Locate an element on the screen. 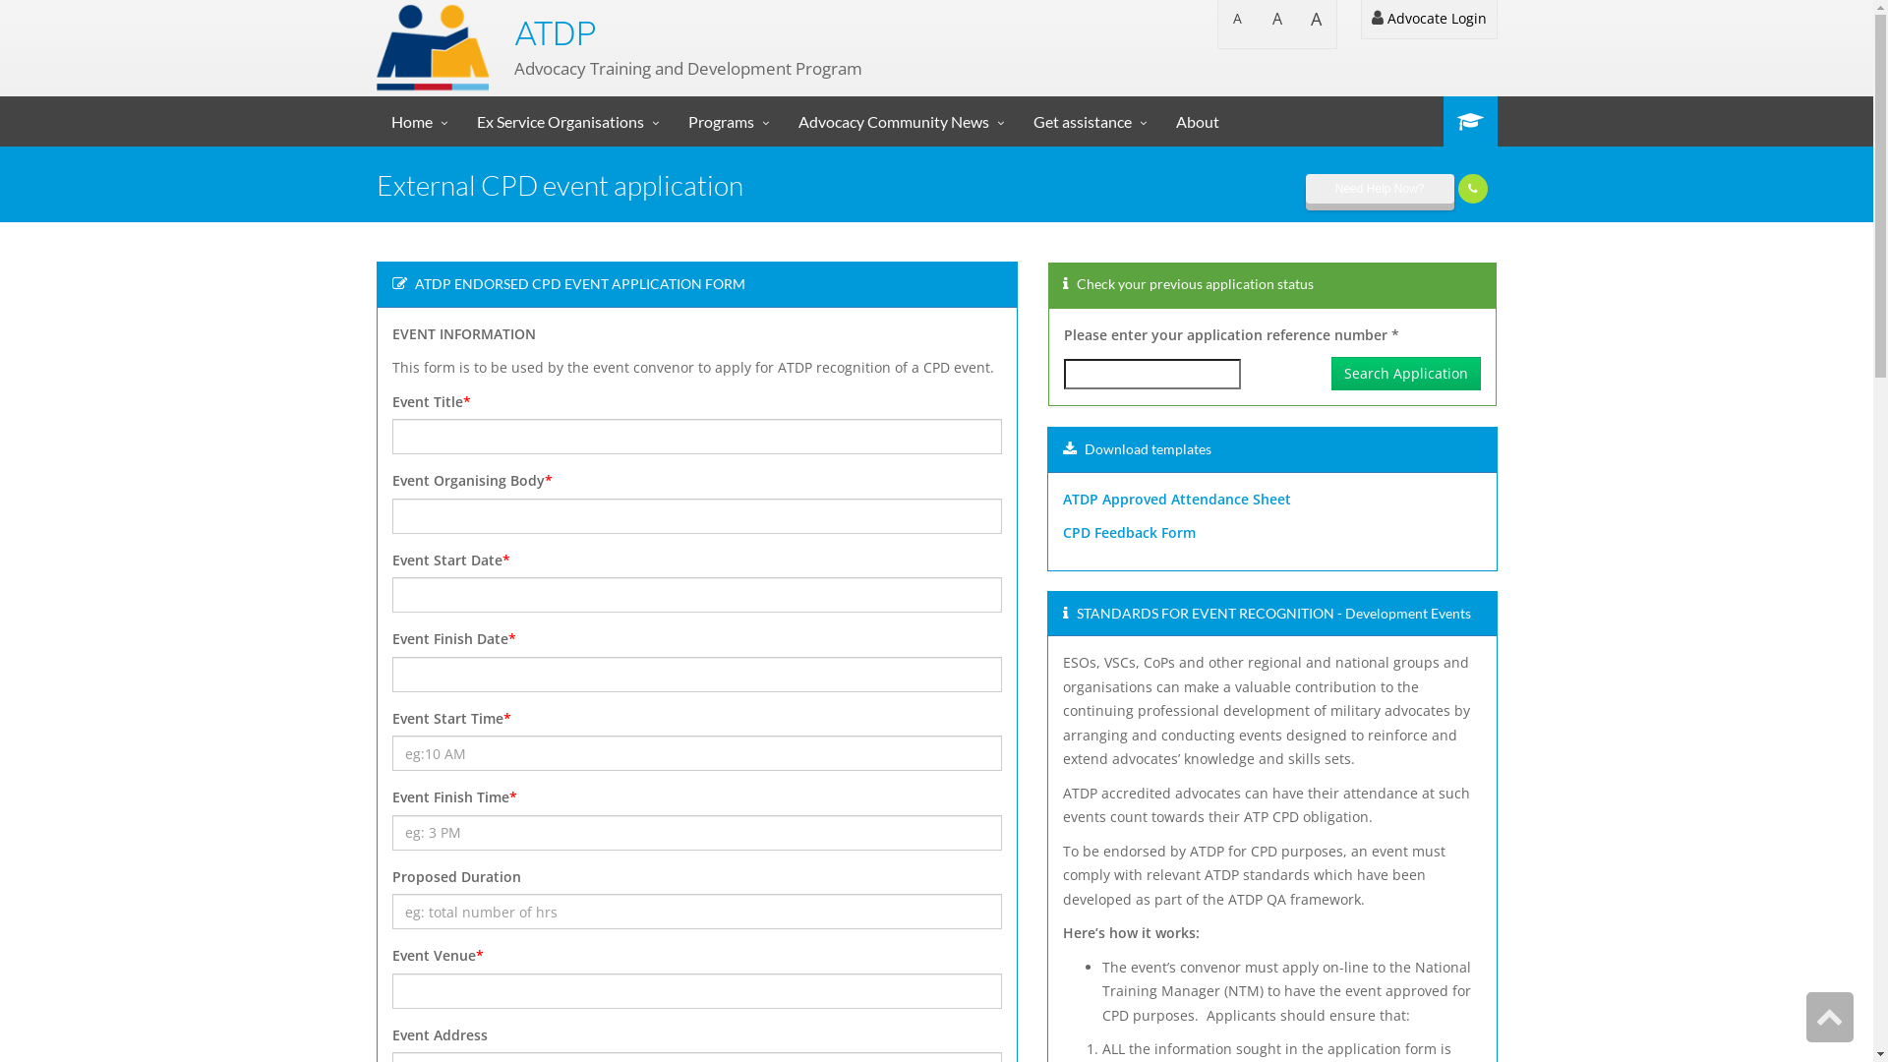 This screenshot has height=1062, width=1888. 'A' is located at coordinates (1235, 24).